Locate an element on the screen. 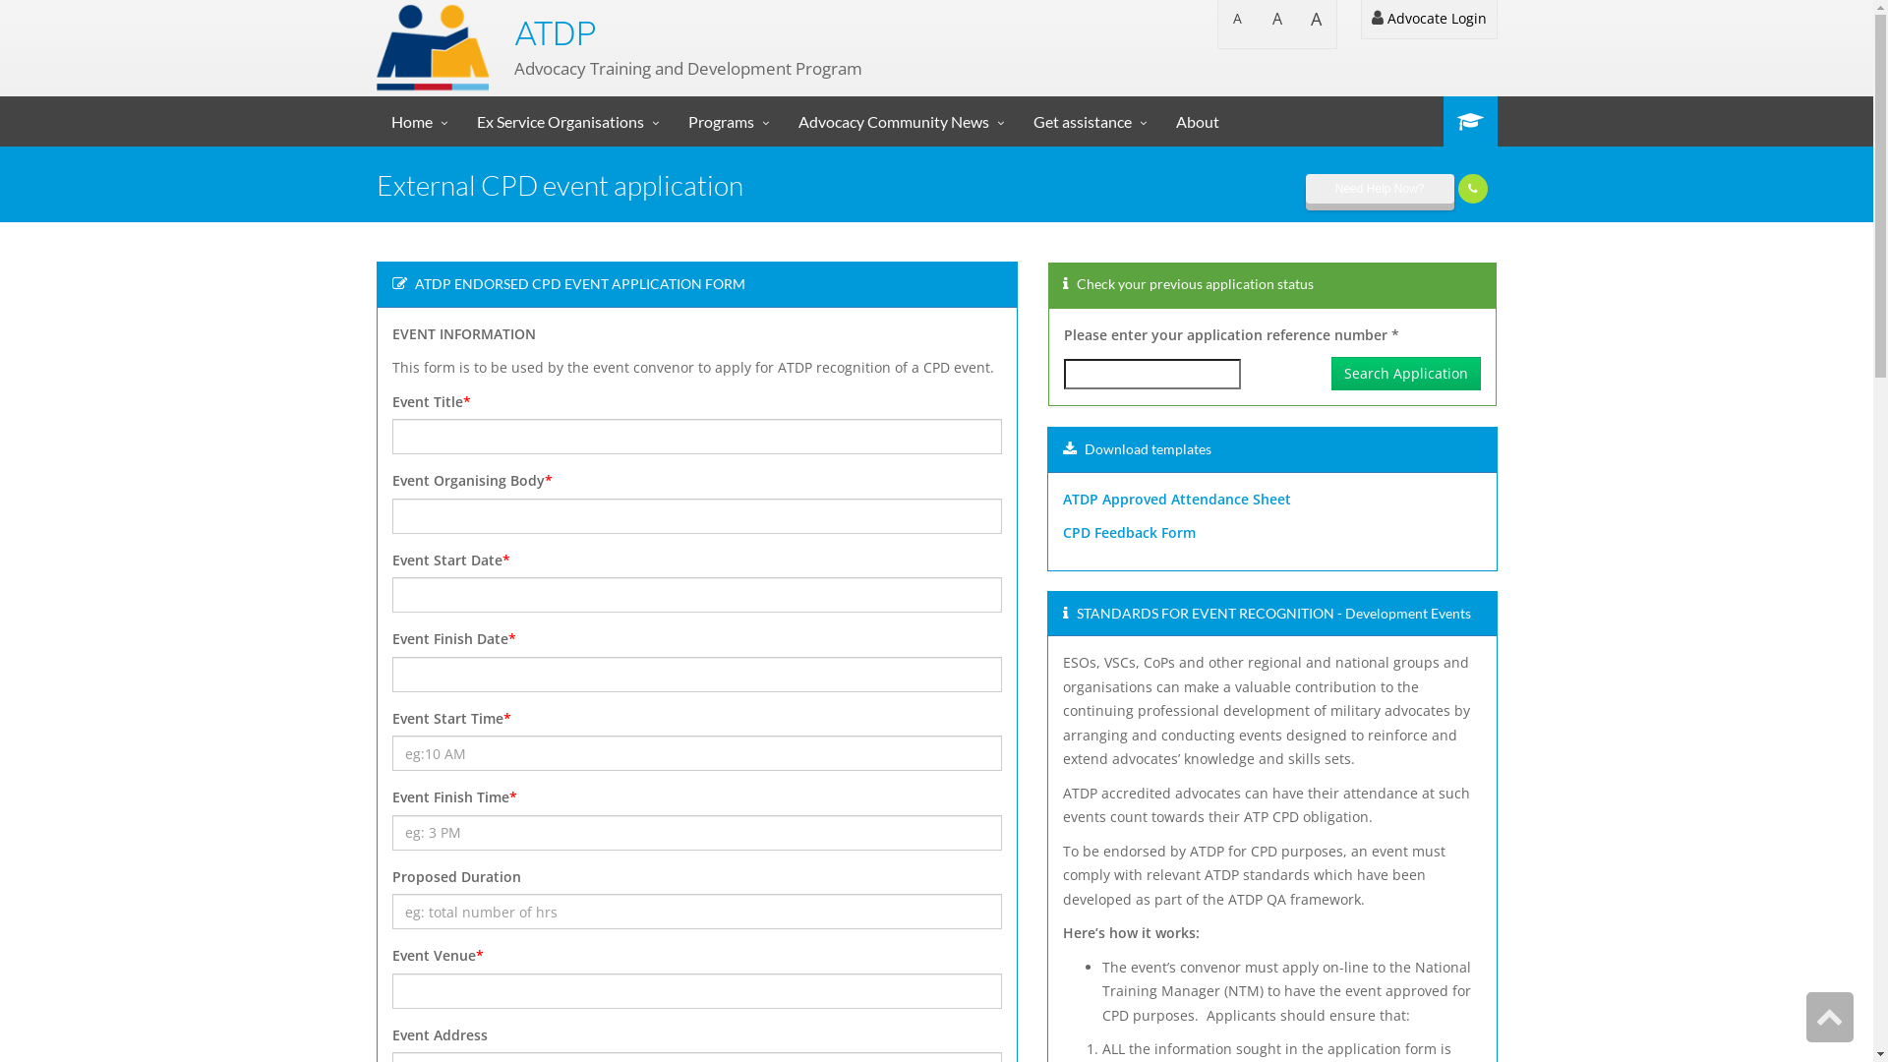 This screenshot has height=1062, width=1888. 'A' is located at coordinates (1235, 24).